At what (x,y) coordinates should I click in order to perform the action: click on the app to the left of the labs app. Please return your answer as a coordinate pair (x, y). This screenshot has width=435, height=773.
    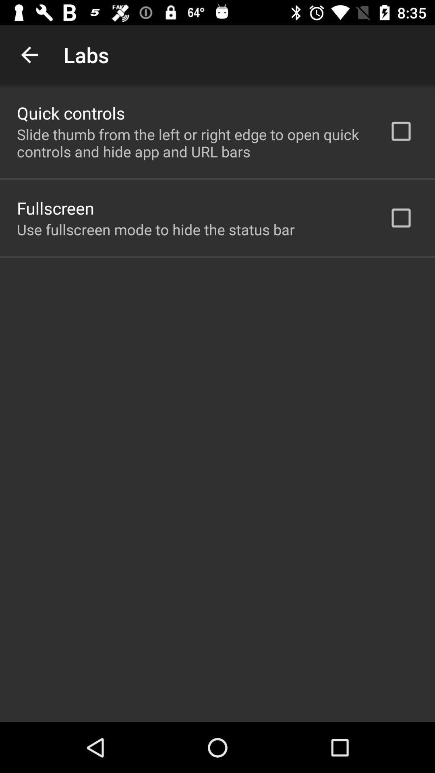
    Looking at the image, I should click on (29, 54).